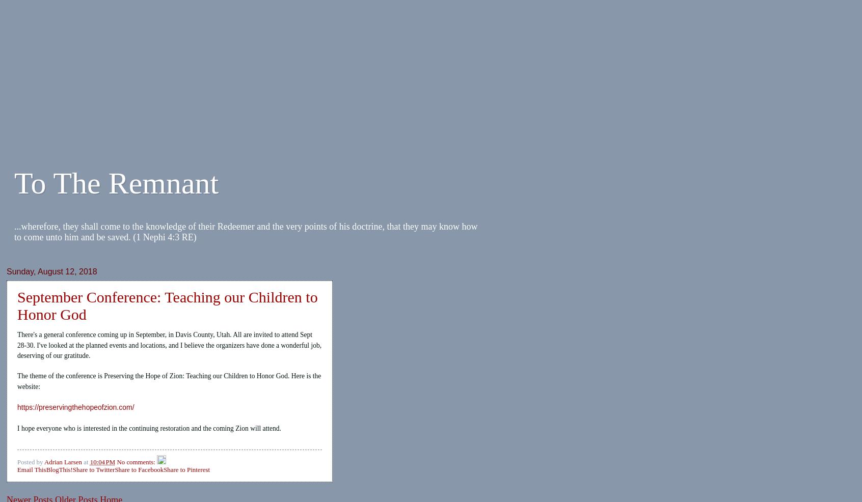 The height and width of the screenshot is (502, 862). Describe the element at coordinates (245, 232) in the screenshot. I see `'...wherefore, they shall come to the knowledge of their Redeemer and the very points of his doctrine, that they may know how to come unto him and be saved. (1 Nephi 4:3 RE)'` at that location.